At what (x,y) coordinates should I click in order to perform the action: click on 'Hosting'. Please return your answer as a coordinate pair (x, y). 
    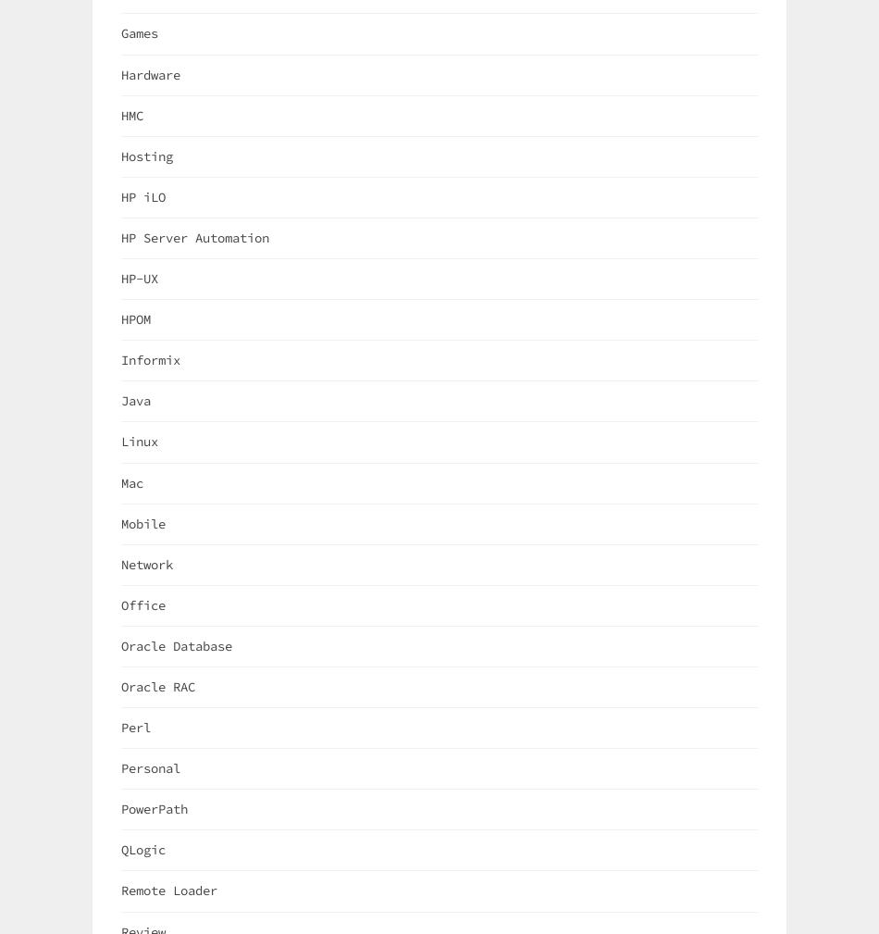
    Looking at the image, I should click on (147, 154).